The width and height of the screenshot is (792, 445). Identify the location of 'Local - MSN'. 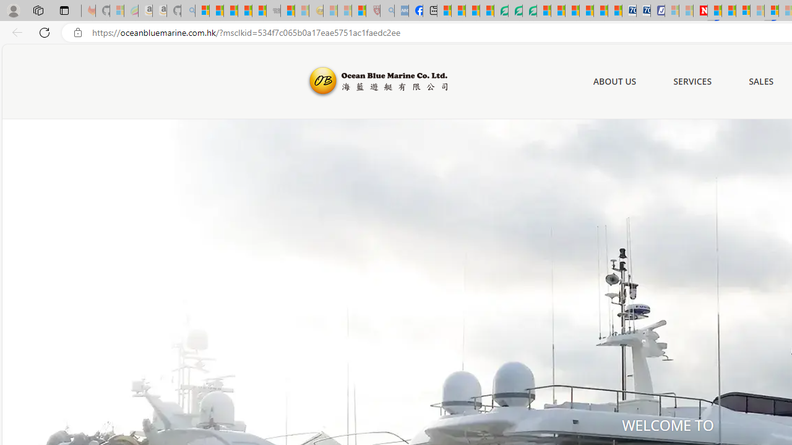
(358, 11).